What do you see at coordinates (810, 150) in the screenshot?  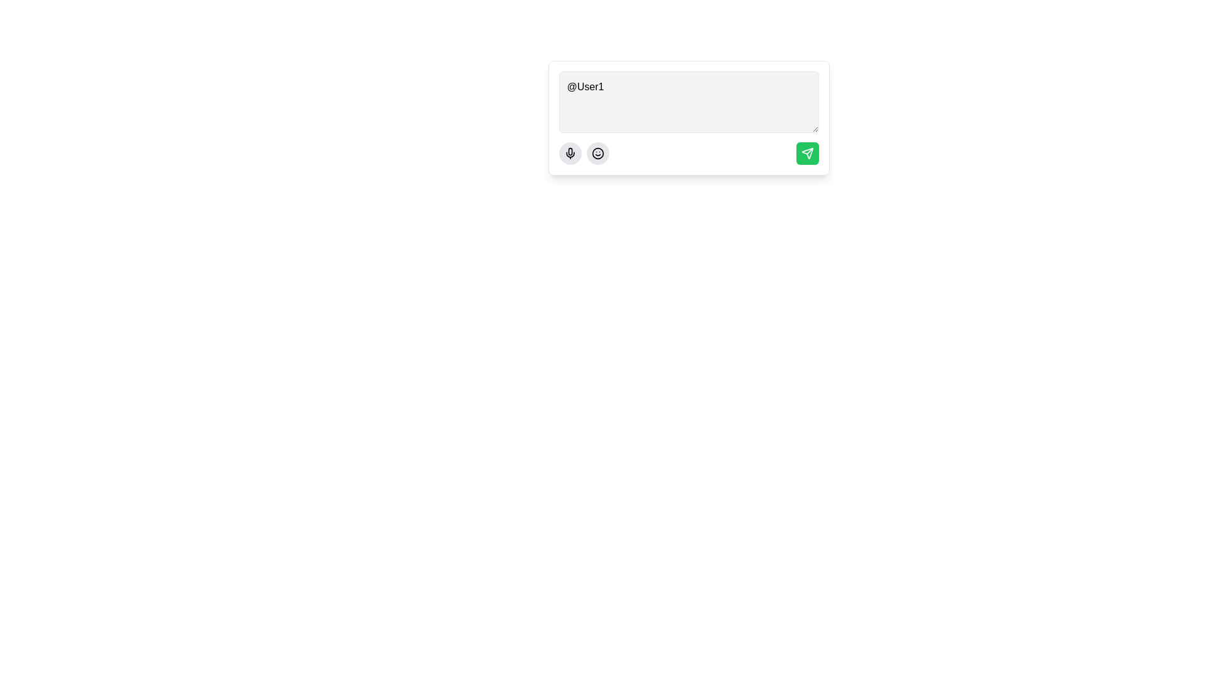 I see `the diagonal line that is part of the SVG-based icon at the top-right section of the rounded button with a green background located at the bottom-right corner of the interface` at bounding box center [810, 150].